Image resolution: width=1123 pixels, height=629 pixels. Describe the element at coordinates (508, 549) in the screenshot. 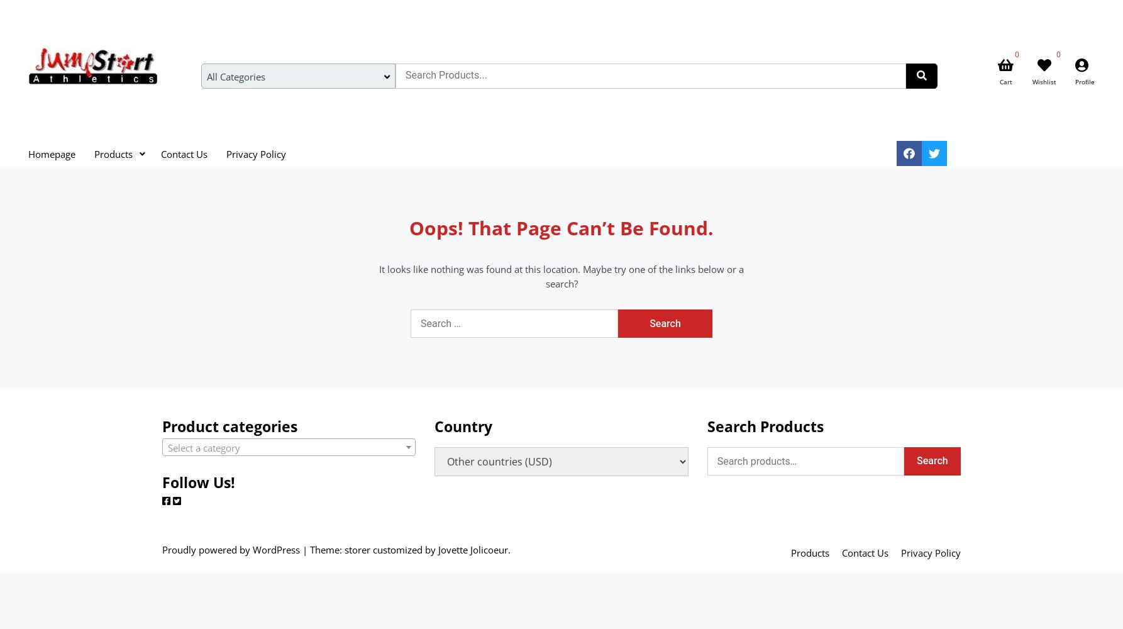

I see `'.'` at that location.